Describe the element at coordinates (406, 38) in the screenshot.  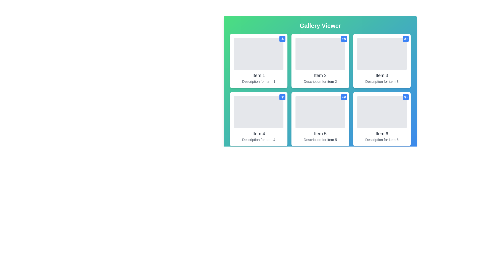
I see `the eye icon located in the top-right corner of the 'Item 3' card, which is depicted as a circular outline with a dot in the center against a blue background` at that location.